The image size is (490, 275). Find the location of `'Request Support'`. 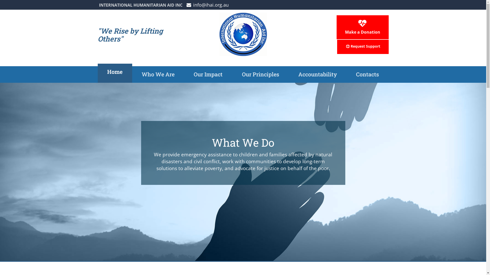

'Request Support' is located at coordinates (5, 149).